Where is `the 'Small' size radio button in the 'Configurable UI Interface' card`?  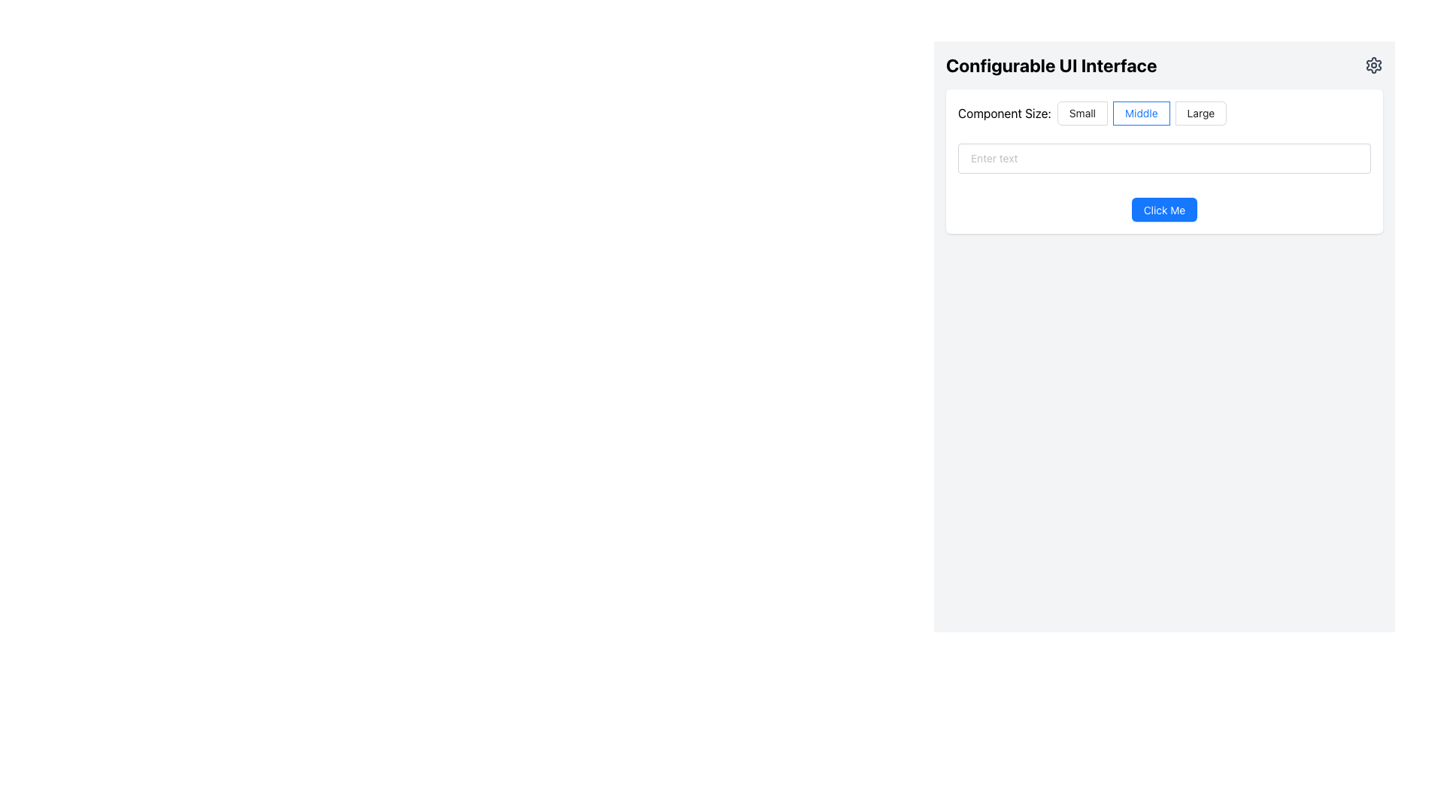
the 'Small' size radio button in the 'Configurable UI Interface' card is located at coordinates (1081, 112).